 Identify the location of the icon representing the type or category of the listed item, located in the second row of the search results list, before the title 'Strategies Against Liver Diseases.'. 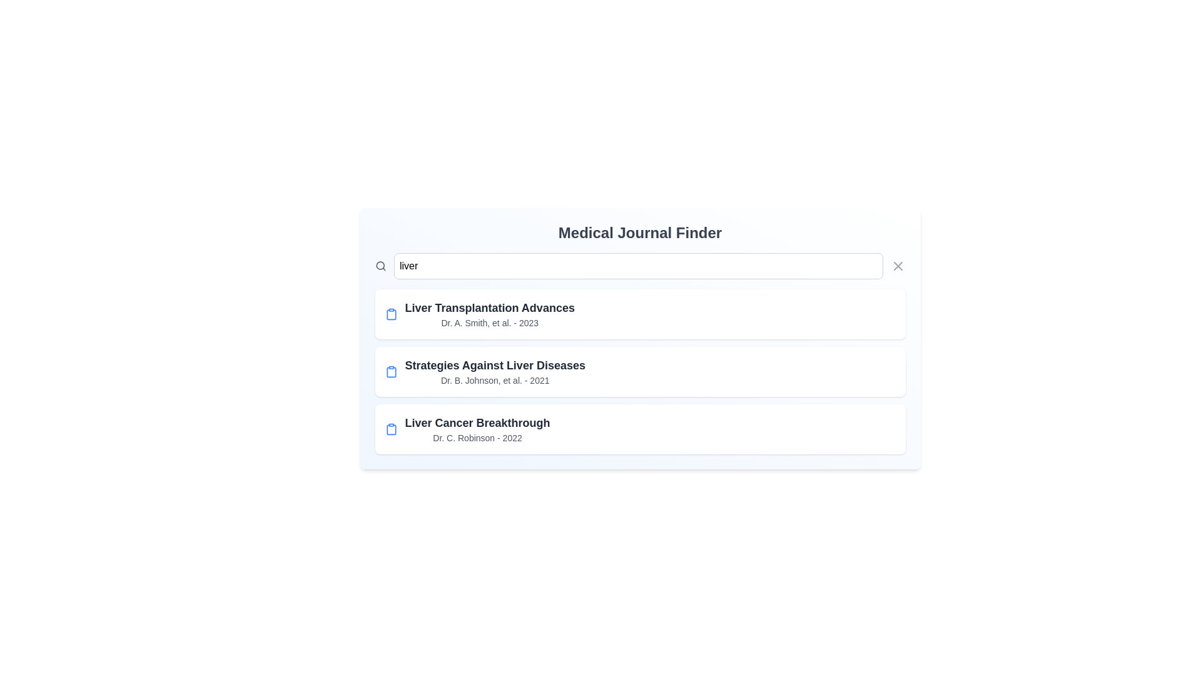
(390, 371).